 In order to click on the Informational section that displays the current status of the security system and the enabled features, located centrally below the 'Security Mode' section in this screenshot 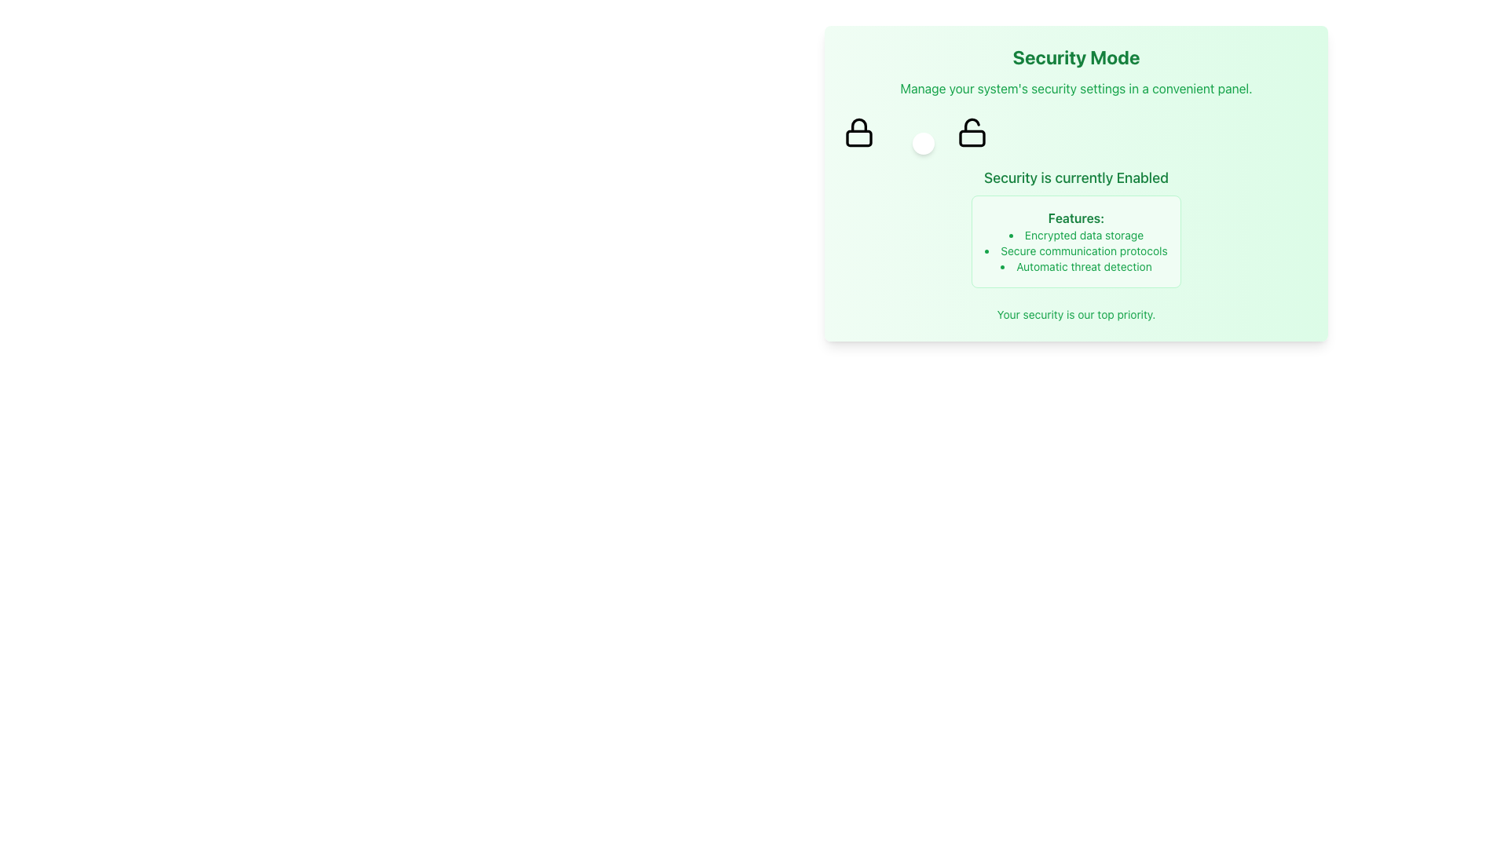, I will do `click(1075, 227)`.